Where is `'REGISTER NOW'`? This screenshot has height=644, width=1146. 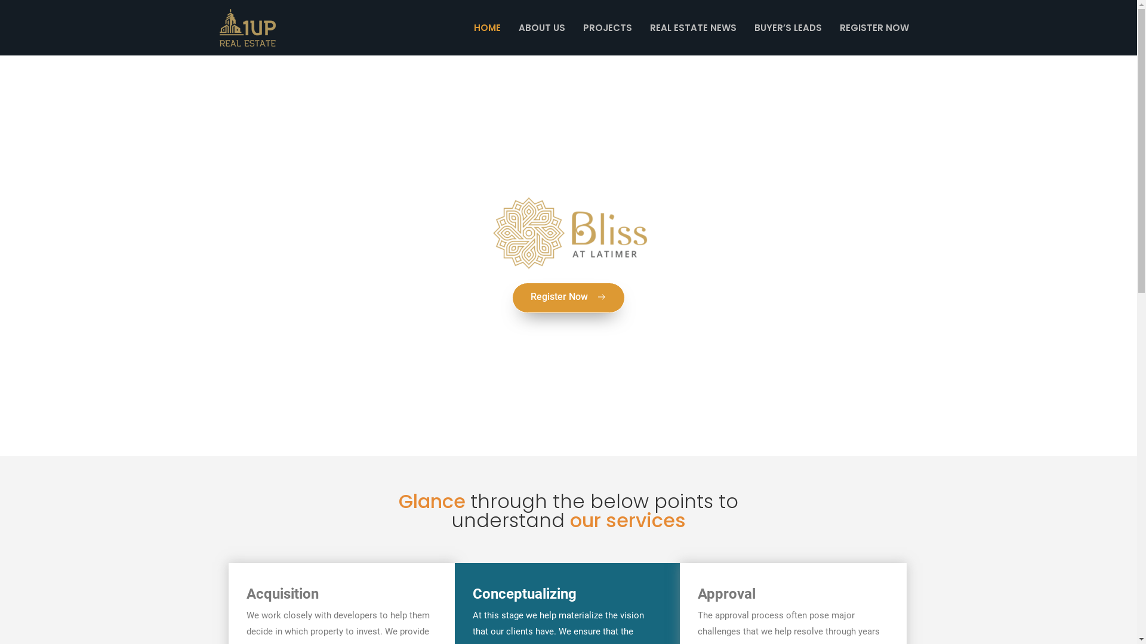
'REGISTER NOW' is located at coordinates (830, 27).